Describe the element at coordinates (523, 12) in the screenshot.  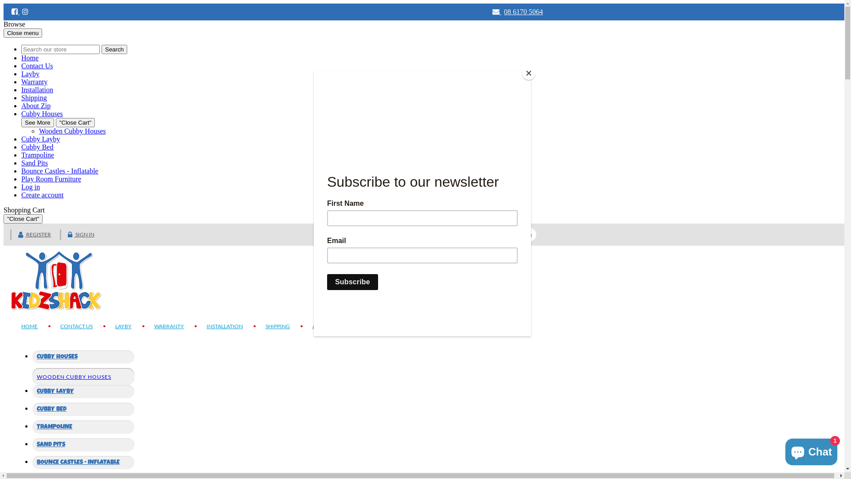
I see `'08 6170 5064'` at that location.